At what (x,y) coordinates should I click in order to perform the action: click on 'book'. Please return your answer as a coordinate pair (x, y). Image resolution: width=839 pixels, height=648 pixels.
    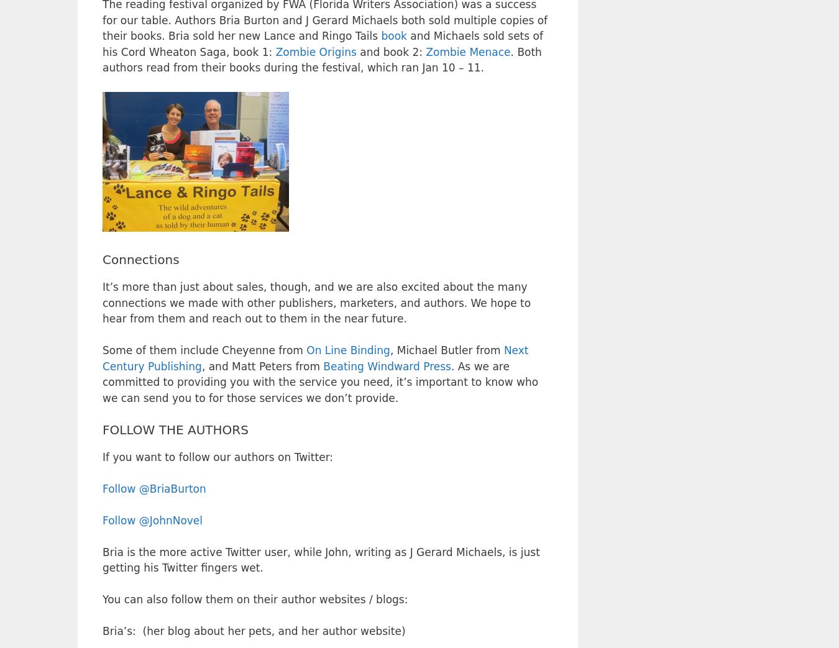
    Looking at the image, I should click on (393, 35).